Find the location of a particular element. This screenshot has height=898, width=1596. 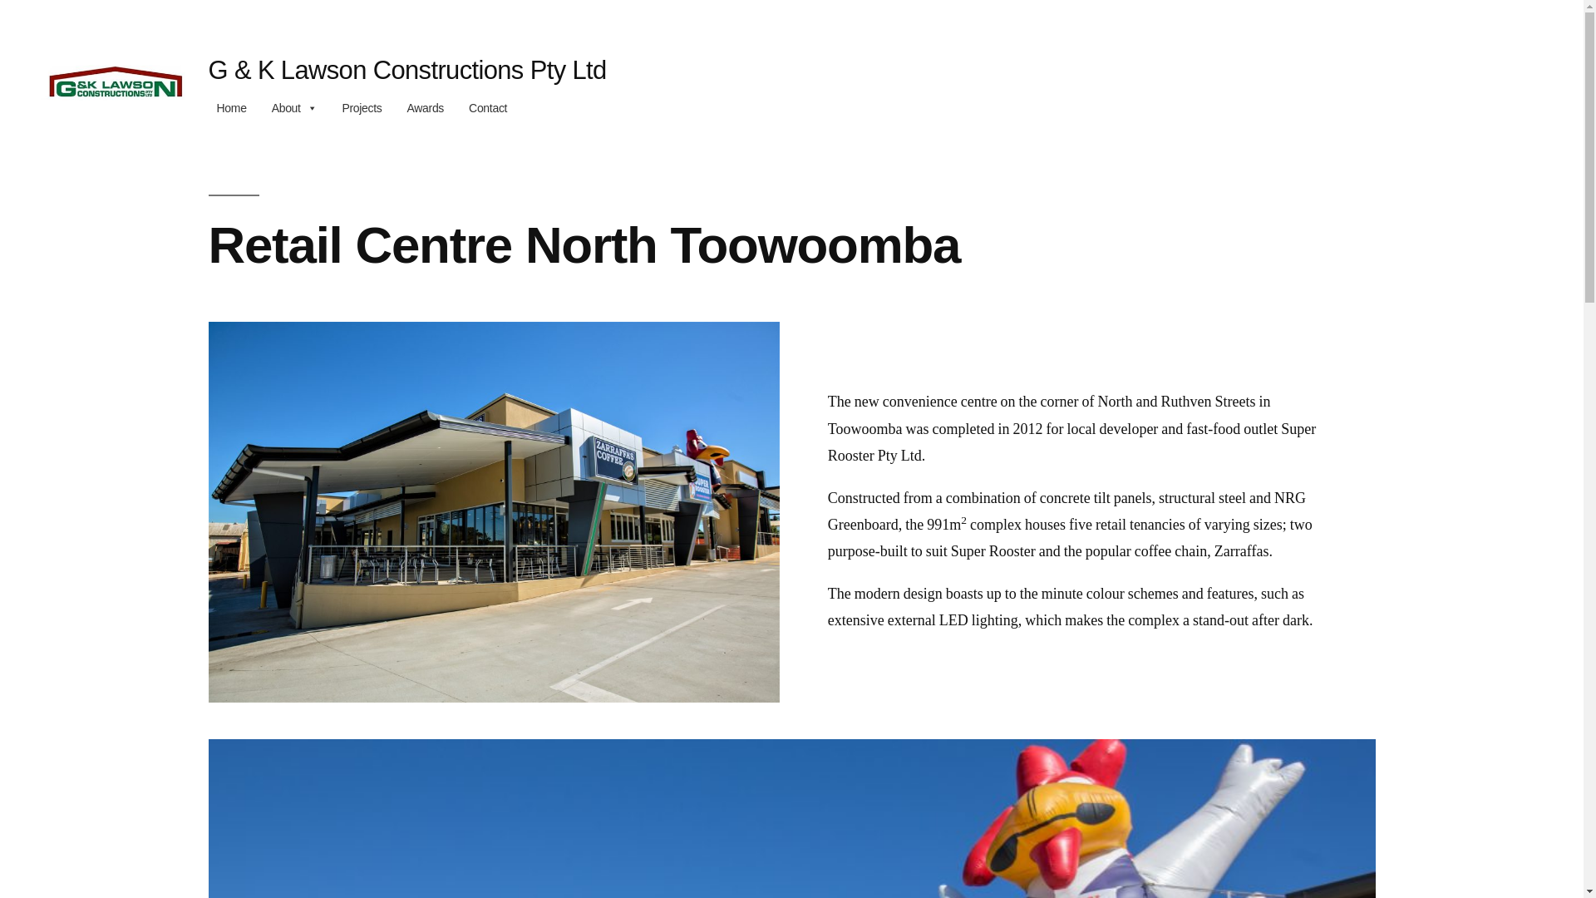

'About' is located at coordinates (262, 108).